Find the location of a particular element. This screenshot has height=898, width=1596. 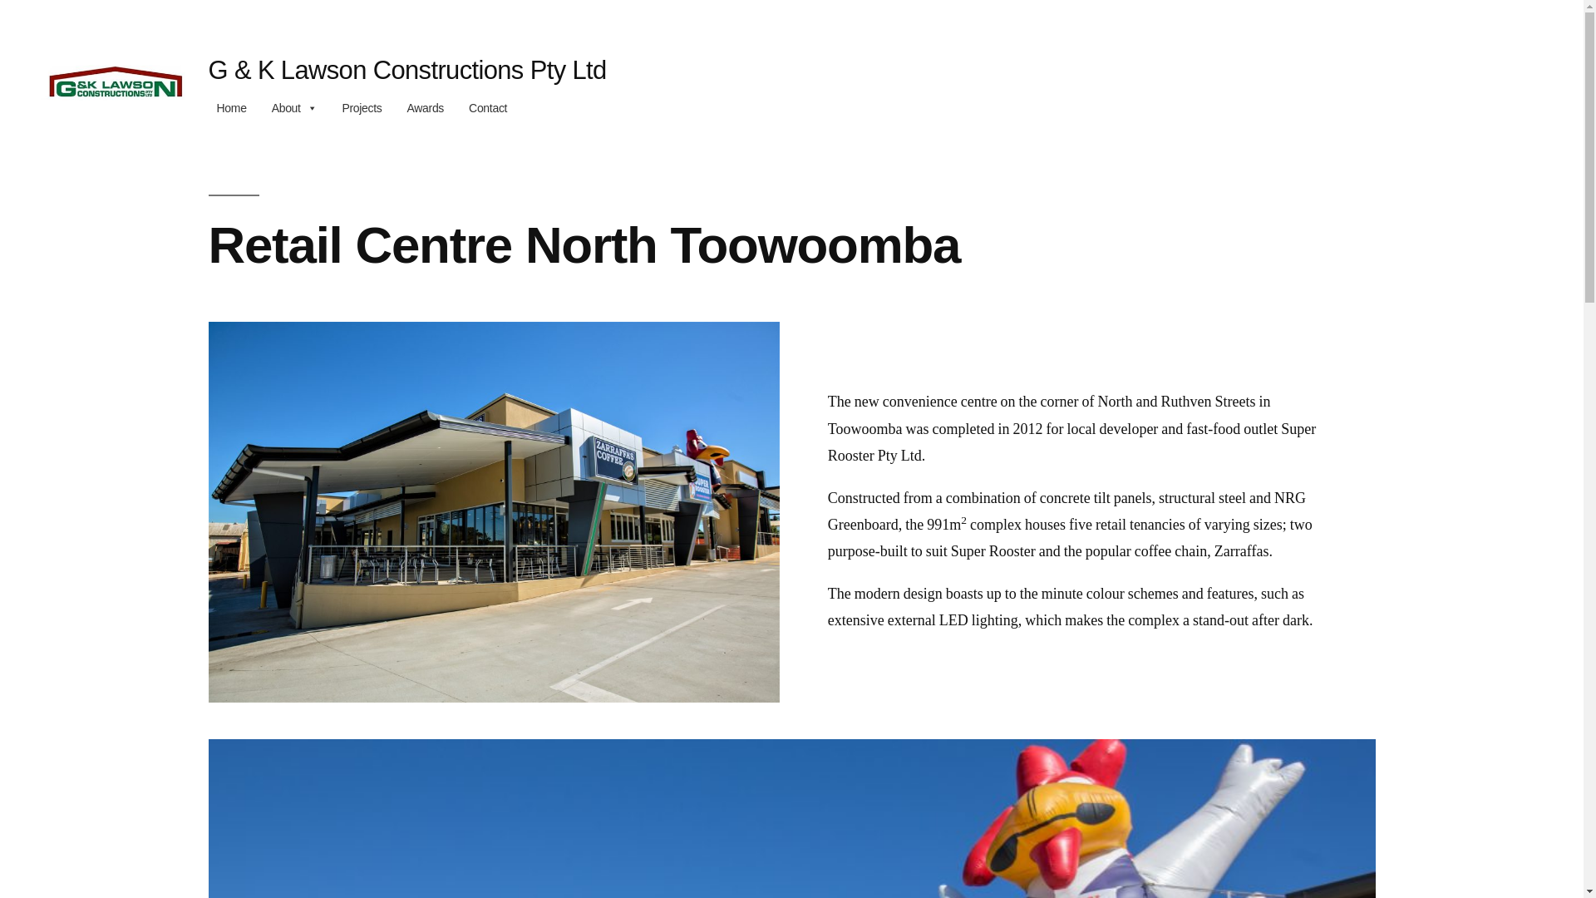

'About' is located at coordinates (262, 108).